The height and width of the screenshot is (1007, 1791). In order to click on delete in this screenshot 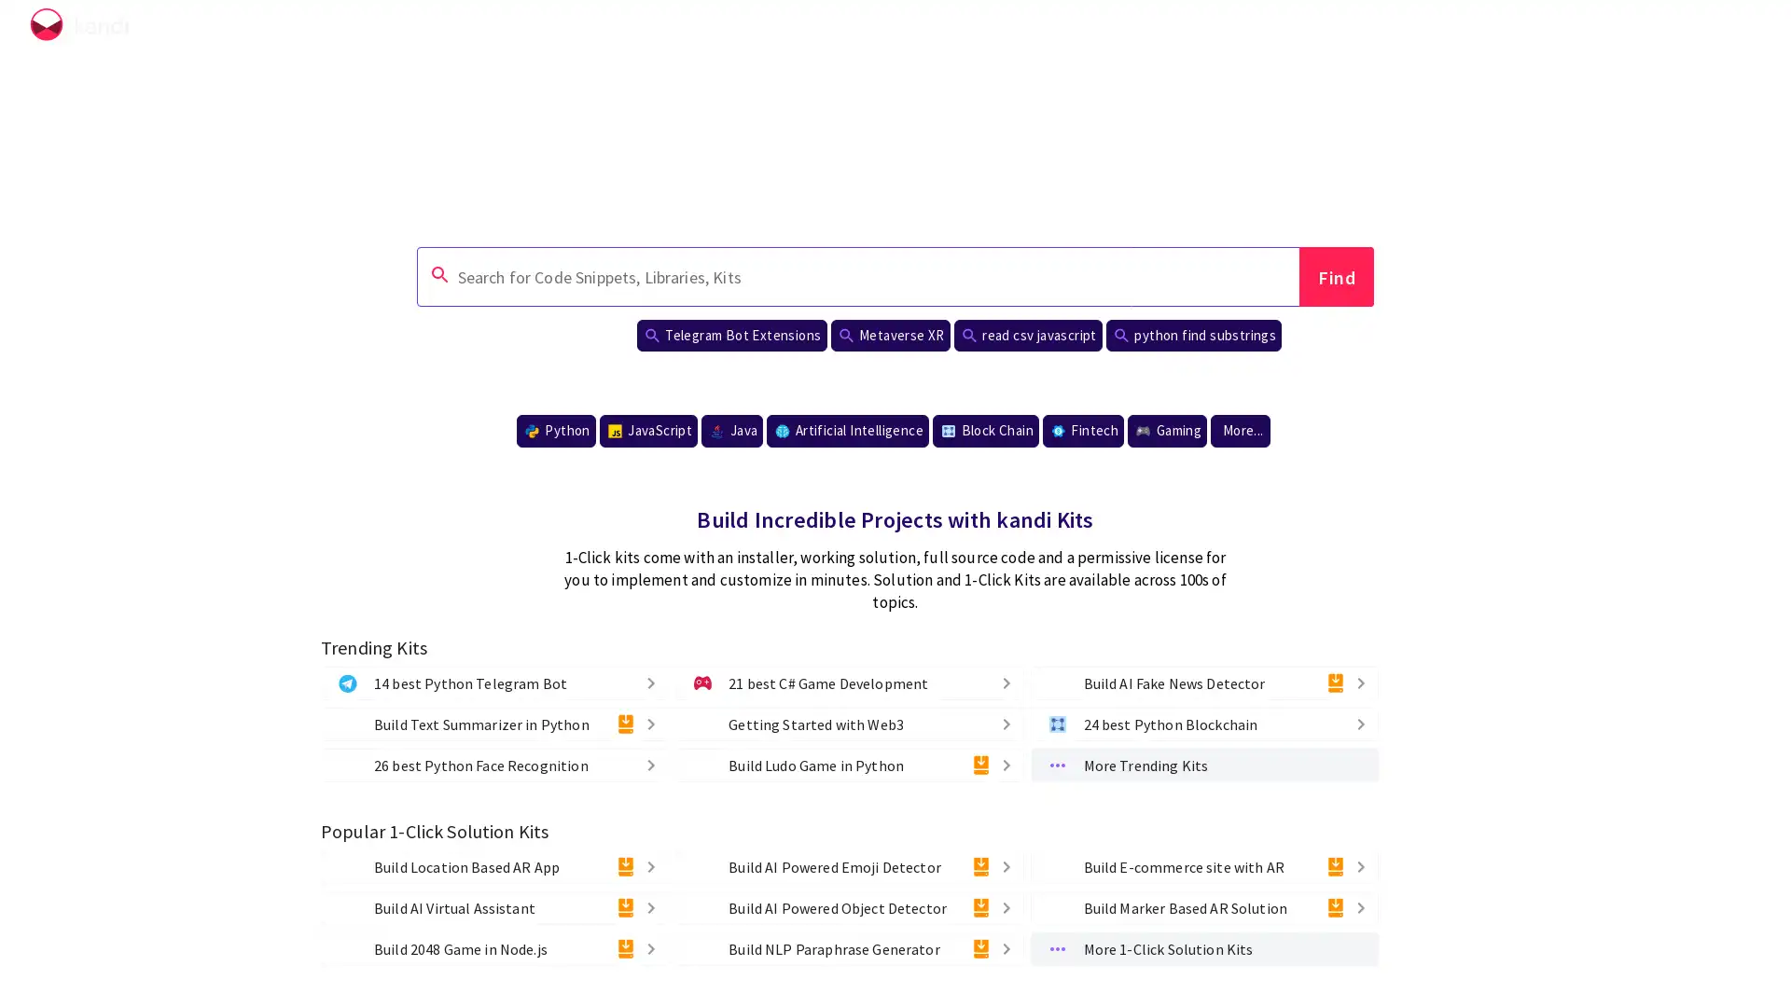, I will do `click(979, 866)`.